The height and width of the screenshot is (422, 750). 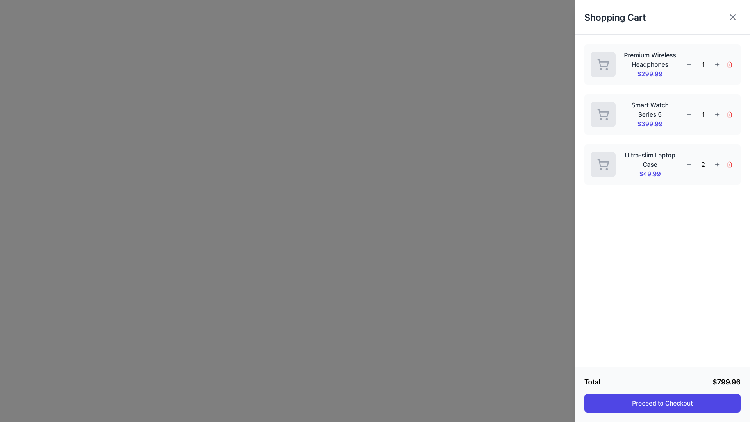 What do you see at coordinates (689, 64) in the screenshot?
I see `the button located to the right of the product quantity number for the 'Premium Wireless Headphones' in the shopping cart to decrease the quantity` at bounding box center [689, 64].